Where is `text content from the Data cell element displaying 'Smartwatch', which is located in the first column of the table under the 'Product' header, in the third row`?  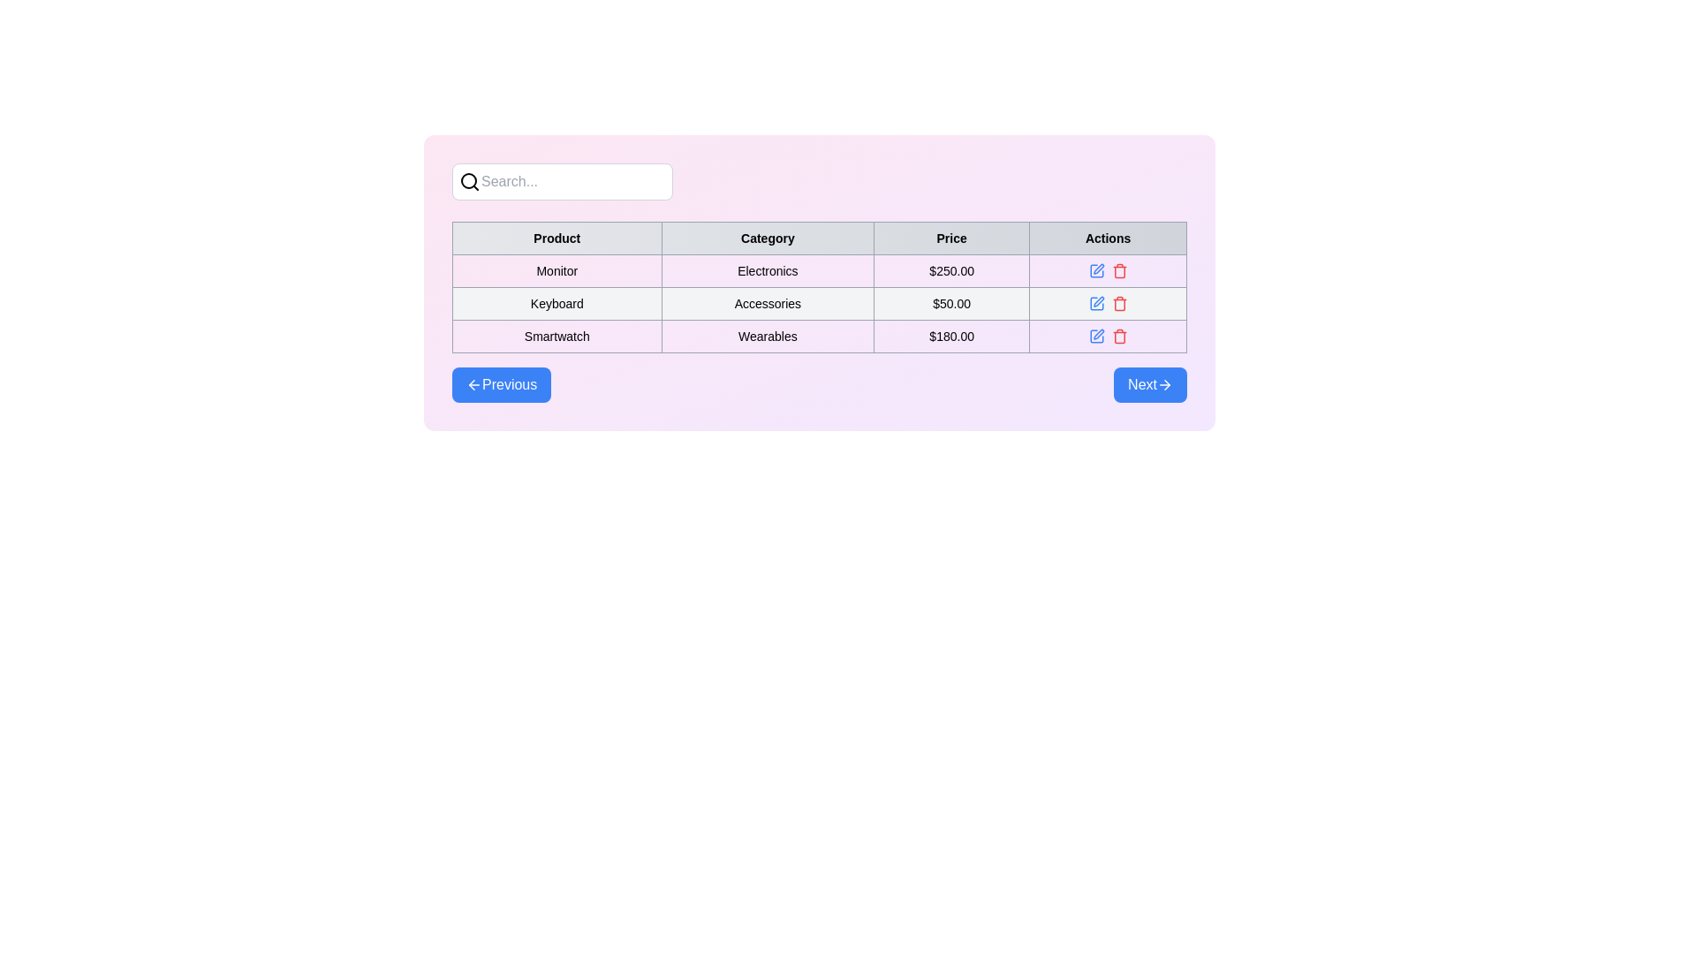 text content from the Data cell element displaying 'Smartwatch', which is located in the first column of the table under the 'Product' header, in the third row is located at coordinates (556, 337).